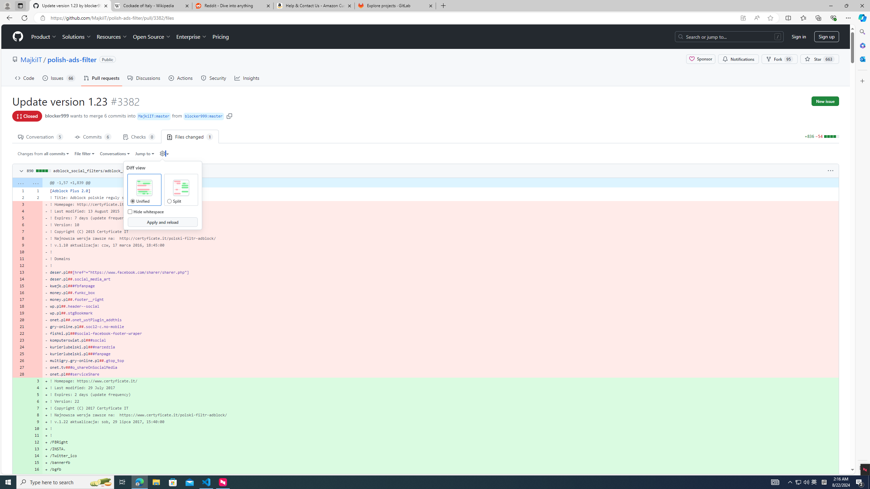 This screenshot has width=870, height=489. What do you see at coordinates (35, 415) in the screenshot?
I see `'8'` at bounding box center [35, 415].